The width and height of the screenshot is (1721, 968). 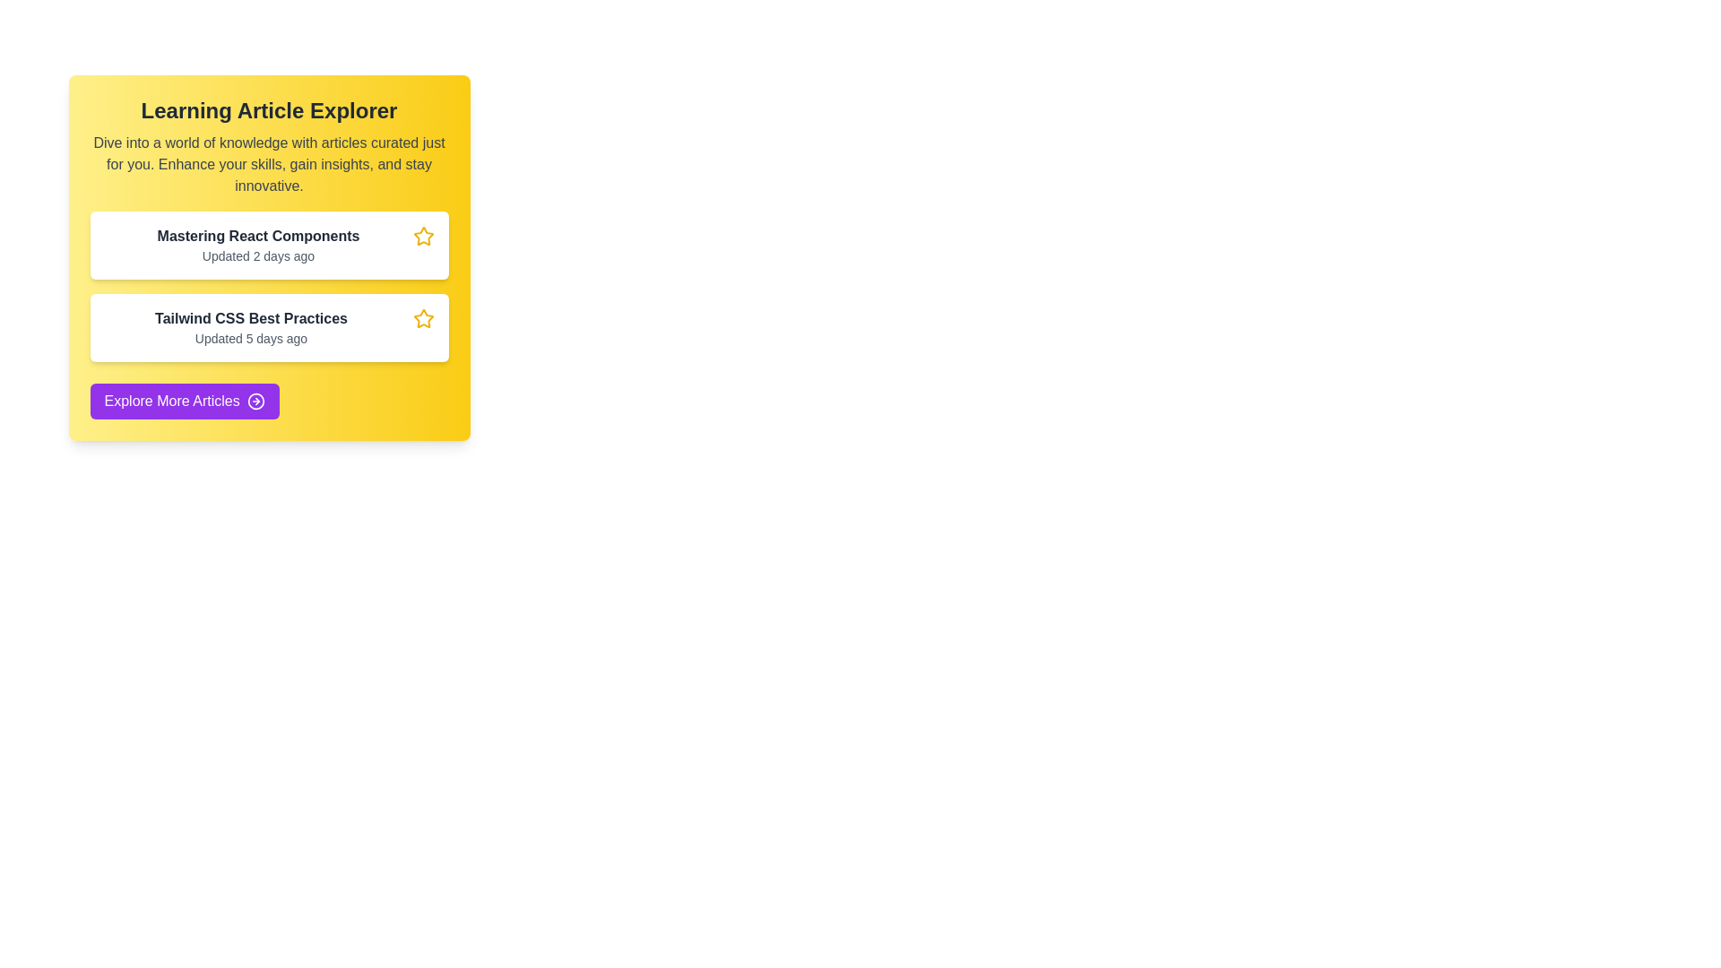 What do you see at coordinates (422, 317) in the screenshot?
I see `the star icon, which is outlined in yellow and associated with the text 'Tailwind CSS Best Practices'` at bounding box center [422, 317].